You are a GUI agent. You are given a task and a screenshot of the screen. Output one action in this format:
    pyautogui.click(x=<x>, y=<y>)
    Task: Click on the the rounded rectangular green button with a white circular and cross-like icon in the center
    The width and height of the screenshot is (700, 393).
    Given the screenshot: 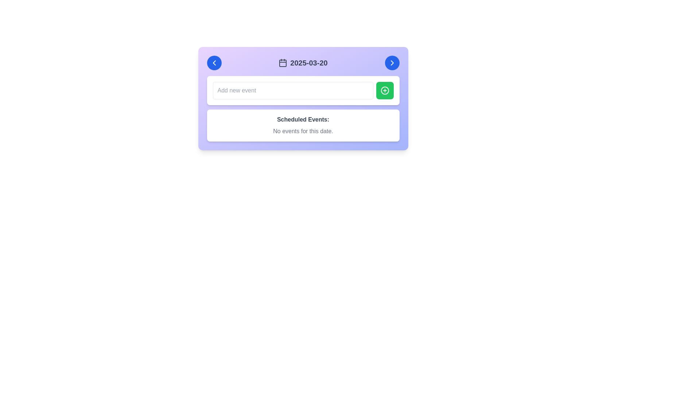 What is the action you would take?
    pyautogui.click(x=384, y=90)
    